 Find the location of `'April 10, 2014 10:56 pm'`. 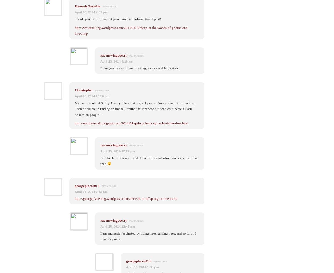

'April 10, 2014 10:56 pm' is located at coordinates (92, 96).